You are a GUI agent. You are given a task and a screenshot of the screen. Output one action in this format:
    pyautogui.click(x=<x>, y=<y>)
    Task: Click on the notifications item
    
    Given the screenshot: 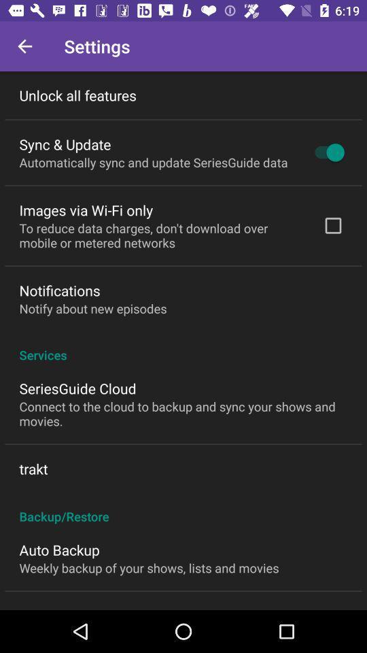 What is the action you would take?
    pyautogui.click(x=59, y=290)
    